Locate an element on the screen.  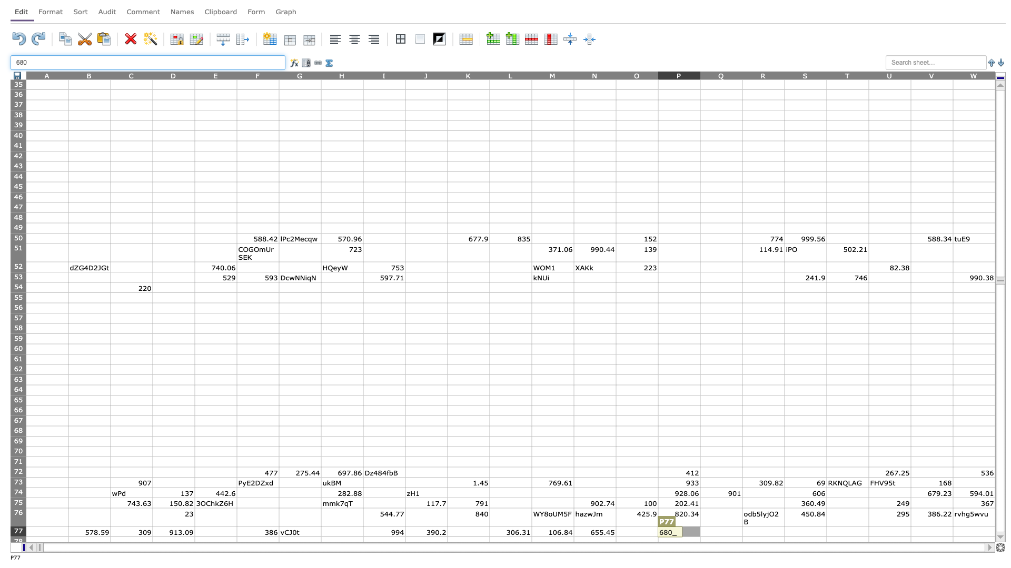
Top left of cell R77 is located at coordinates (742, 526).